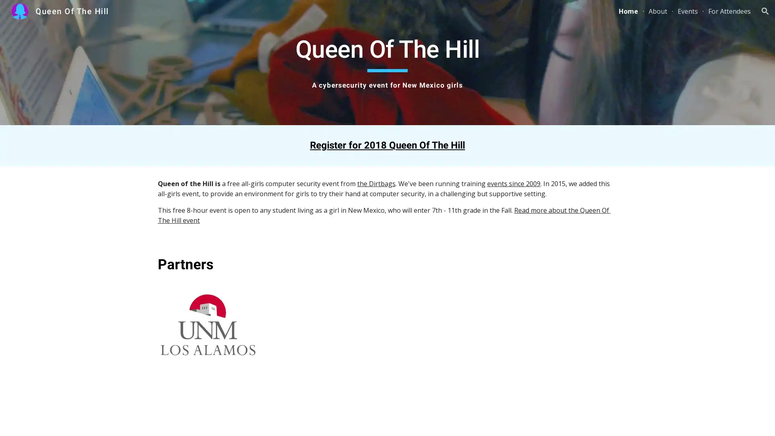 Image resolution: width=775 pixels, height=436 pixels. Describe the element at coordinates (474, 145) in the screenshot. I see `Copy heading link` at that location.